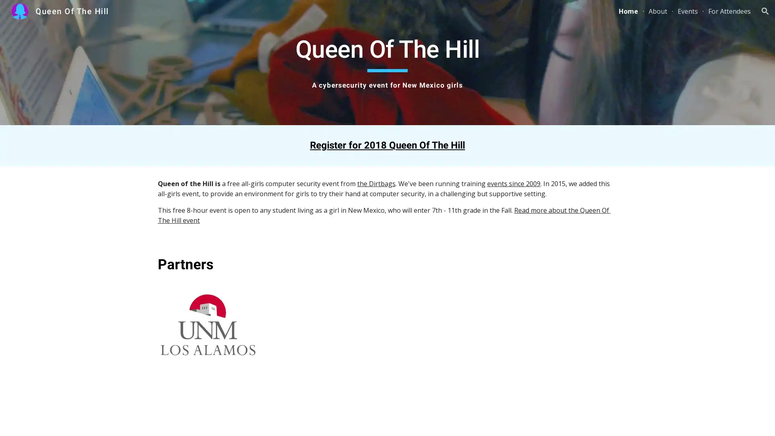 Image resolution: width=775 pixels, height=436 pixels. Describe the element at coordinates (474, 145) in the screenshot. I see `Copy heading link` at that location.